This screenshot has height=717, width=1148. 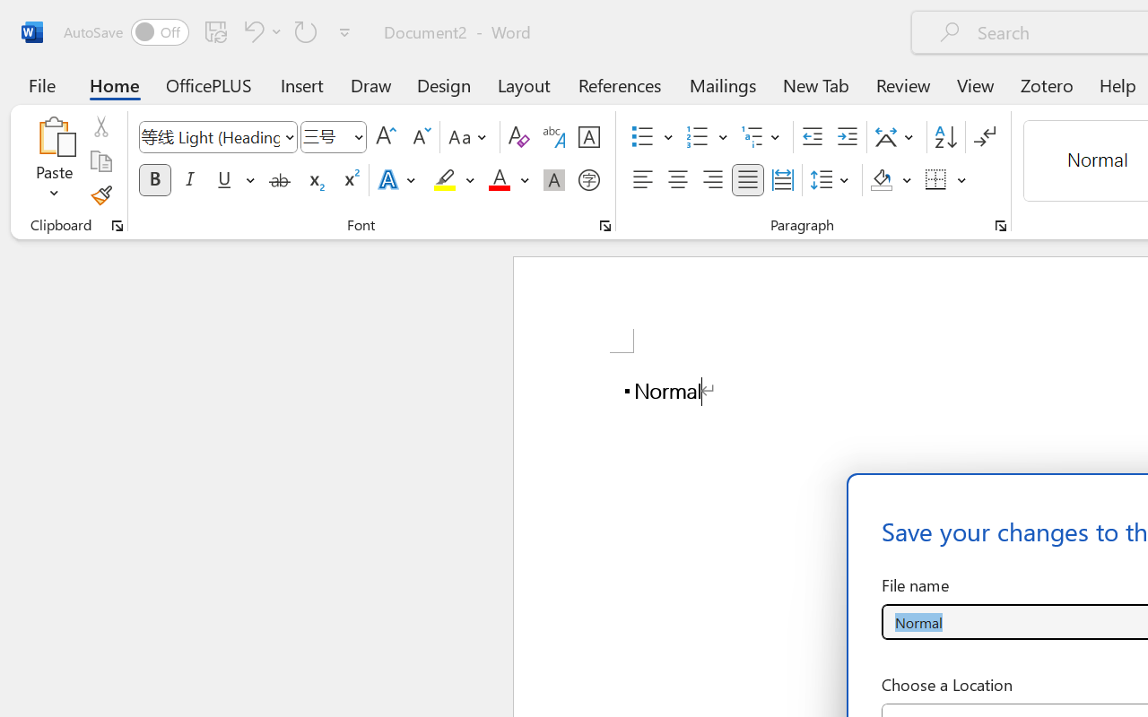 I want to click on 'Underline', so click(x=233, y=180).